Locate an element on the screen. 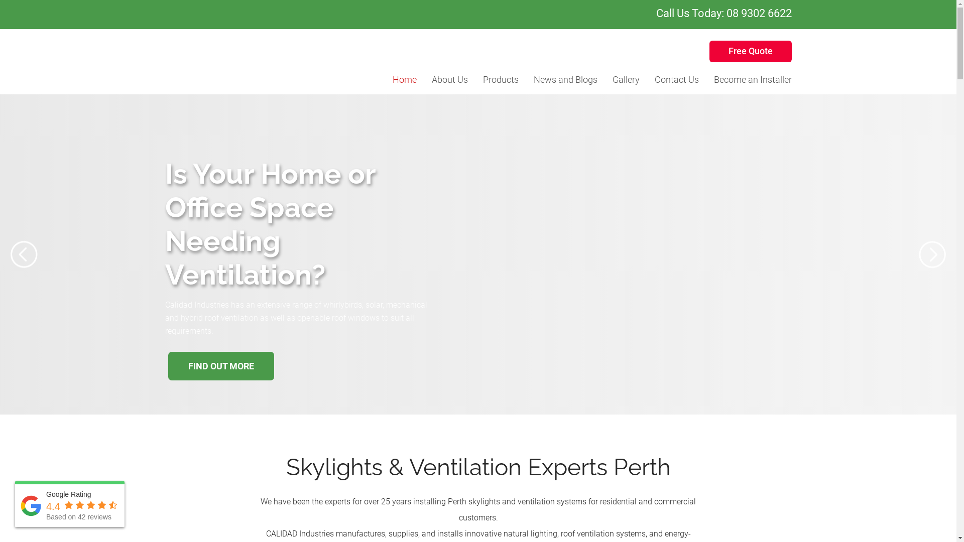  'FIND OUT MORE' is located at coordinates (220, 386).